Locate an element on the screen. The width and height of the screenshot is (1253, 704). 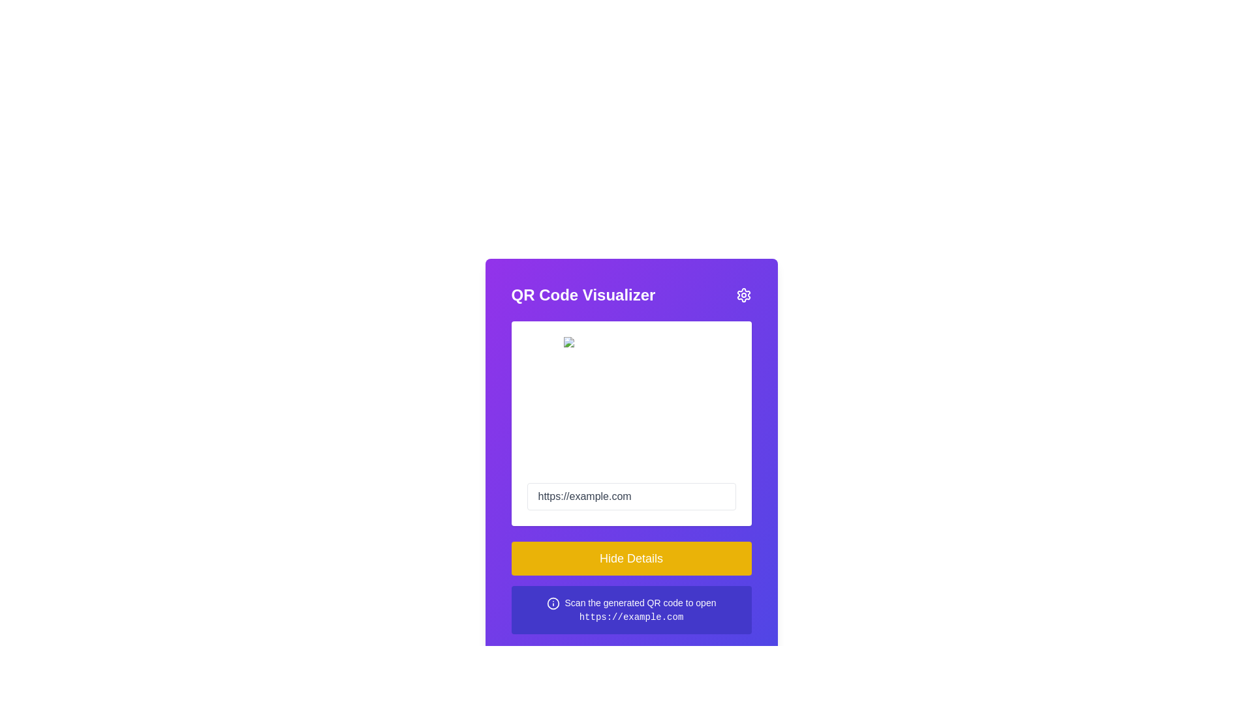
the informational text box with a blue background that contains the text 'Scan the generated QR code is located at coordinates (631, 610).